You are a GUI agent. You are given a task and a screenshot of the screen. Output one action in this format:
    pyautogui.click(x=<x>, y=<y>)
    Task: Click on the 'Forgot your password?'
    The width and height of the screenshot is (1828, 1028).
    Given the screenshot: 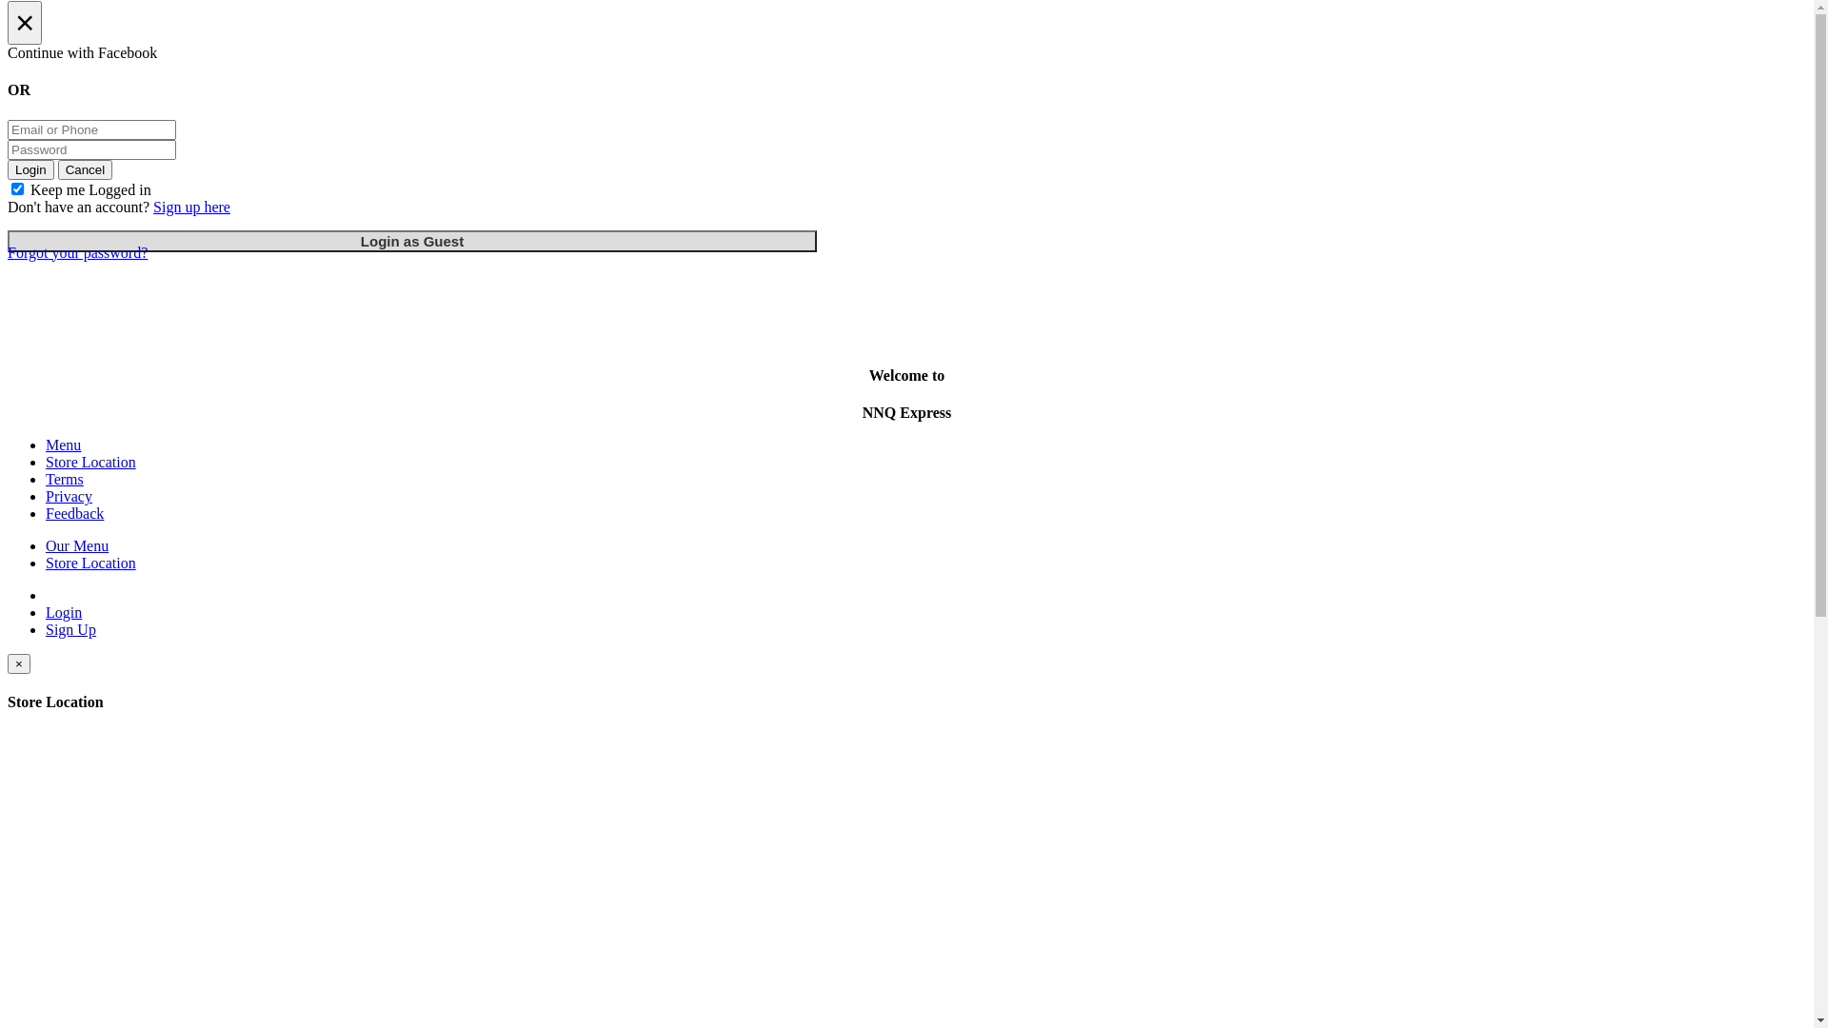 What is the action you would take?
    pyautogui.click(x=76, y=251)
    